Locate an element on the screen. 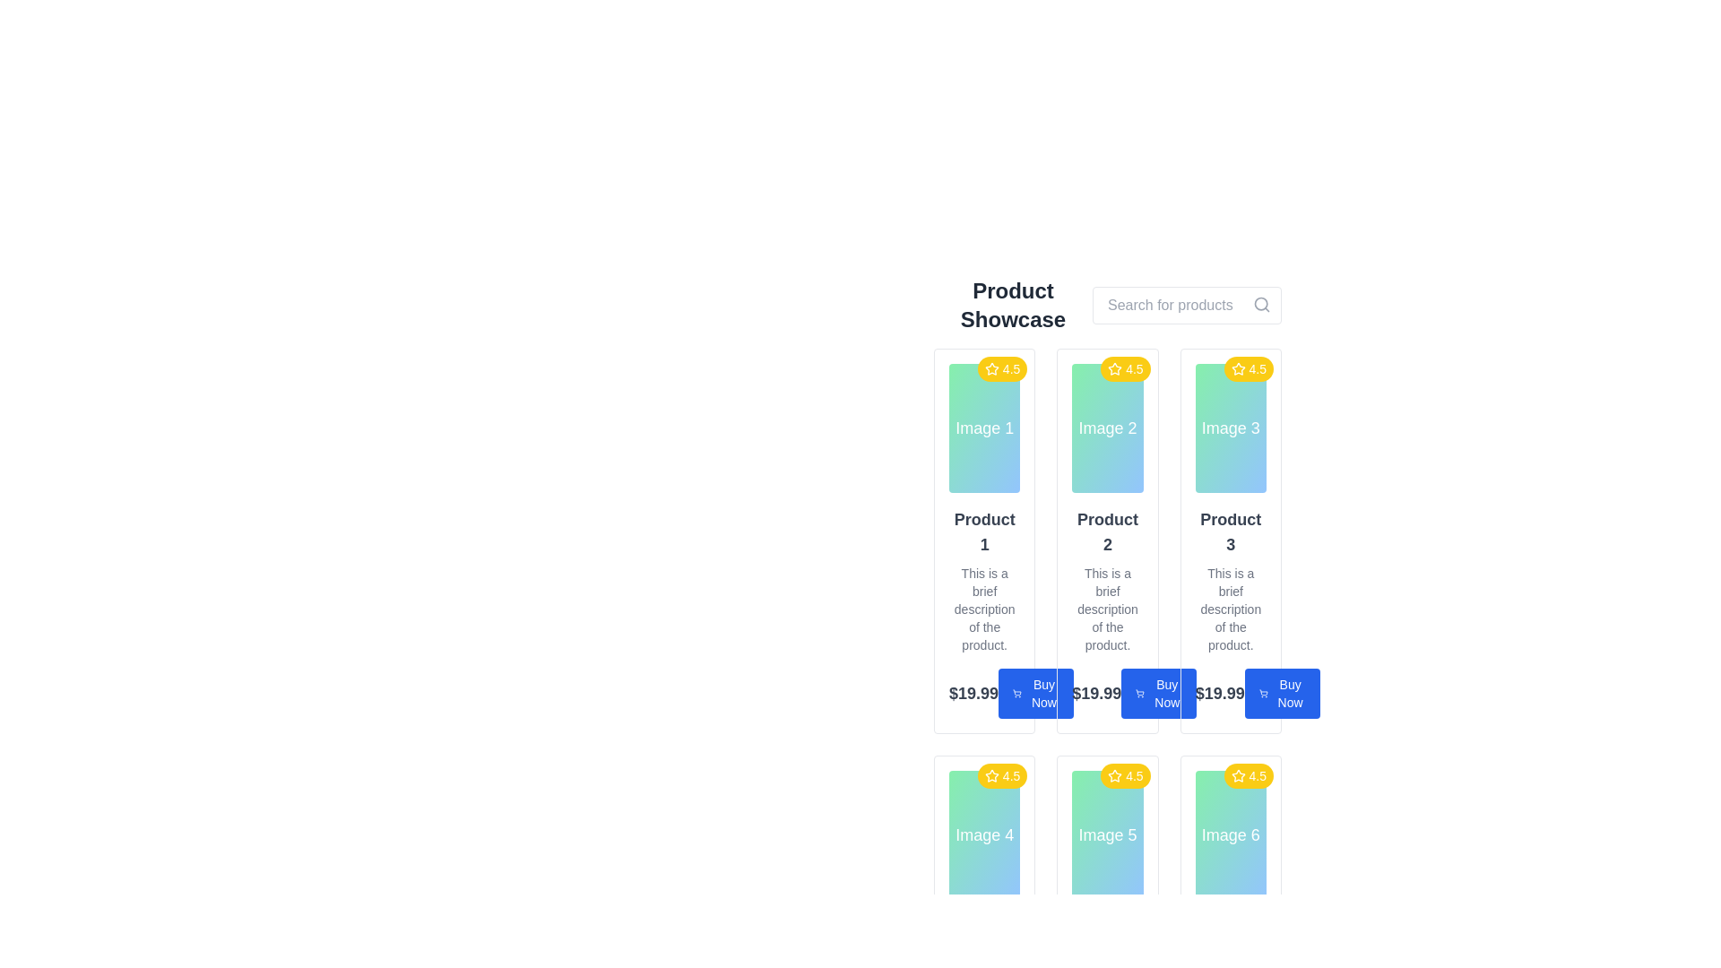 This screenshot has width=1721, height=968. the star-shaped icon with a yellow outline located in the upper-right corner of the badge containing the rating number 4.5 in 'Image 5' of the product showcase grid is located at coordinates (1114, 775).